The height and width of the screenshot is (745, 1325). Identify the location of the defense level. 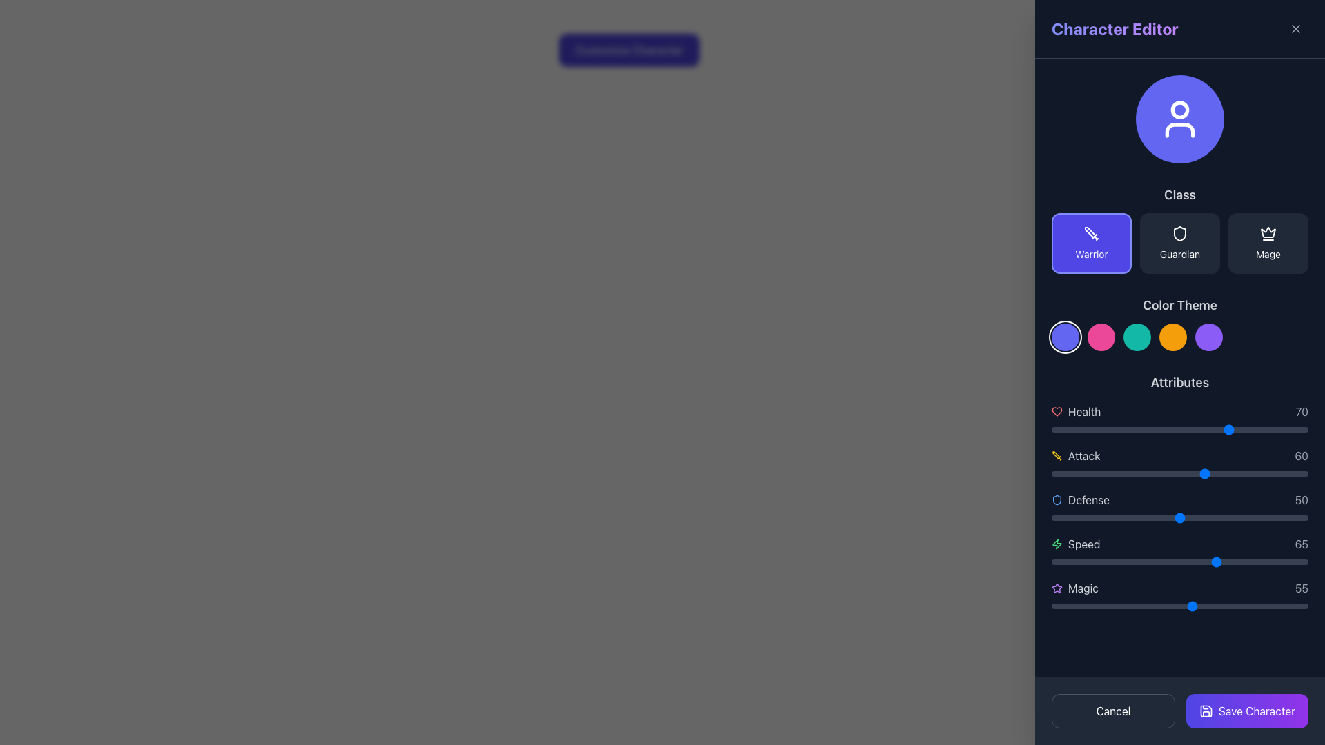
(1059, 518).